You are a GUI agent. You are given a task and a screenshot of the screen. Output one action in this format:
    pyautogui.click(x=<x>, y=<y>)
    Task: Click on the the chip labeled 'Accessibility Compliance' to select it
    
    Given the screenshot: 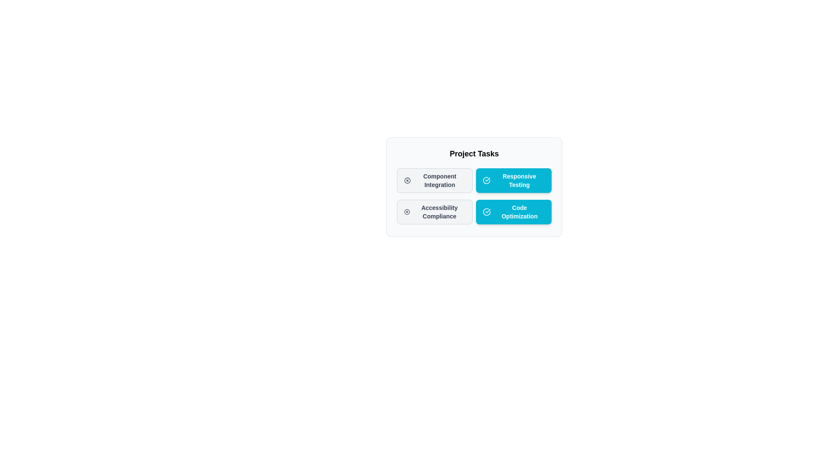 What is the action you would take?
    pyautogui.click(x=434, y=211)
    